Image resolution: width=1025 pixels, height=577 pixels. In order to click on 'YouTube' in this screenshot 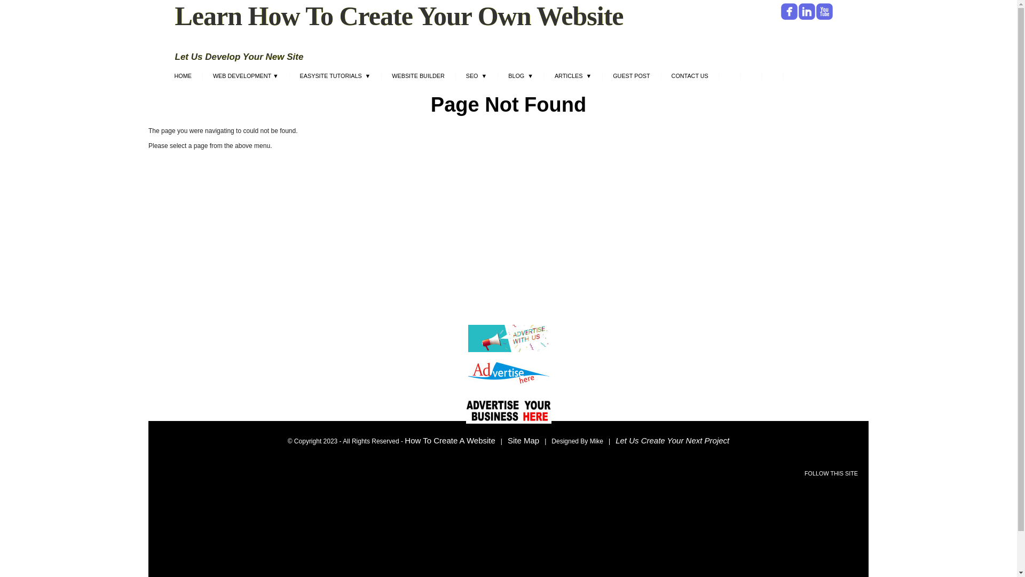, I will do `click(823, 12)`.